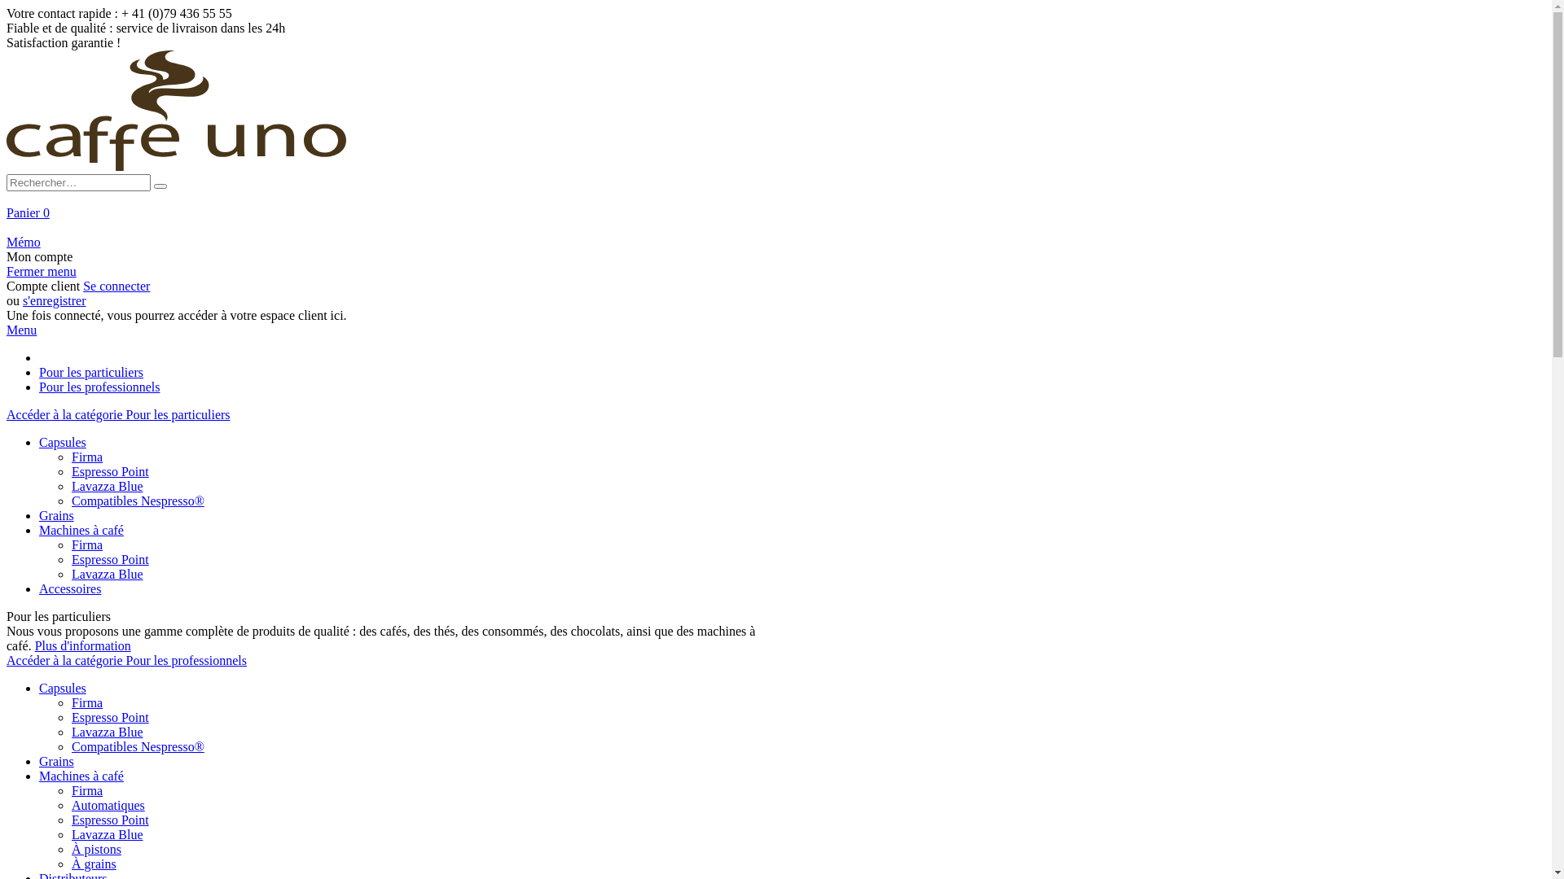 The height and width of the screenshot is (879, 1564). Describe the element at coordinates (69, 588) in the screenshot. I see `'Accessoires'` at that location.